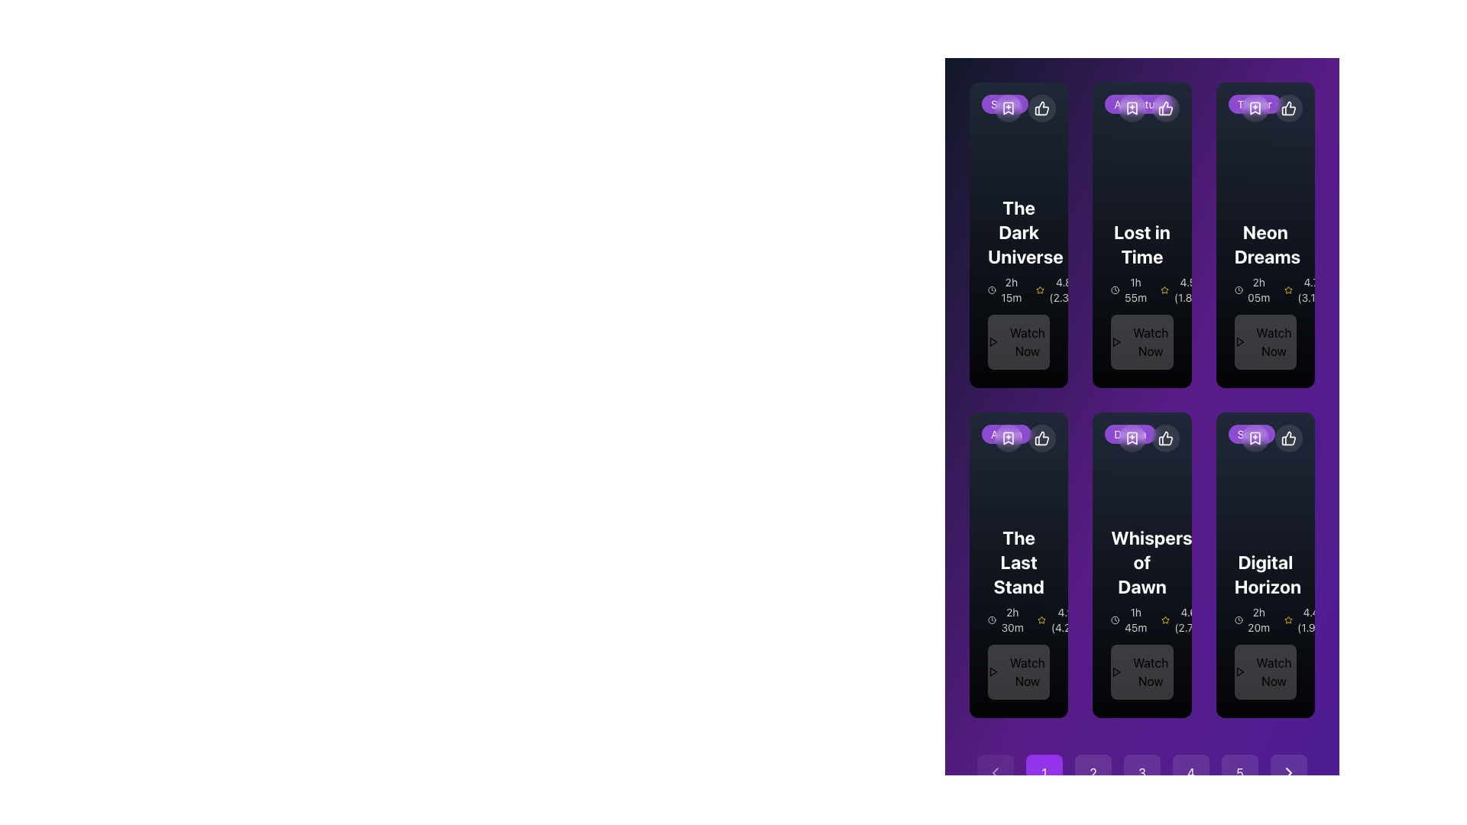  What do you see at coordinates (1005, 103) in the screenshot?
I see `the pill-shaped badge with a purple background and white text that reads 'Sci-Fi', located at the top-left corner inside the card for the movie 'The Dark Universe'` at bounding box center [1005, 103].